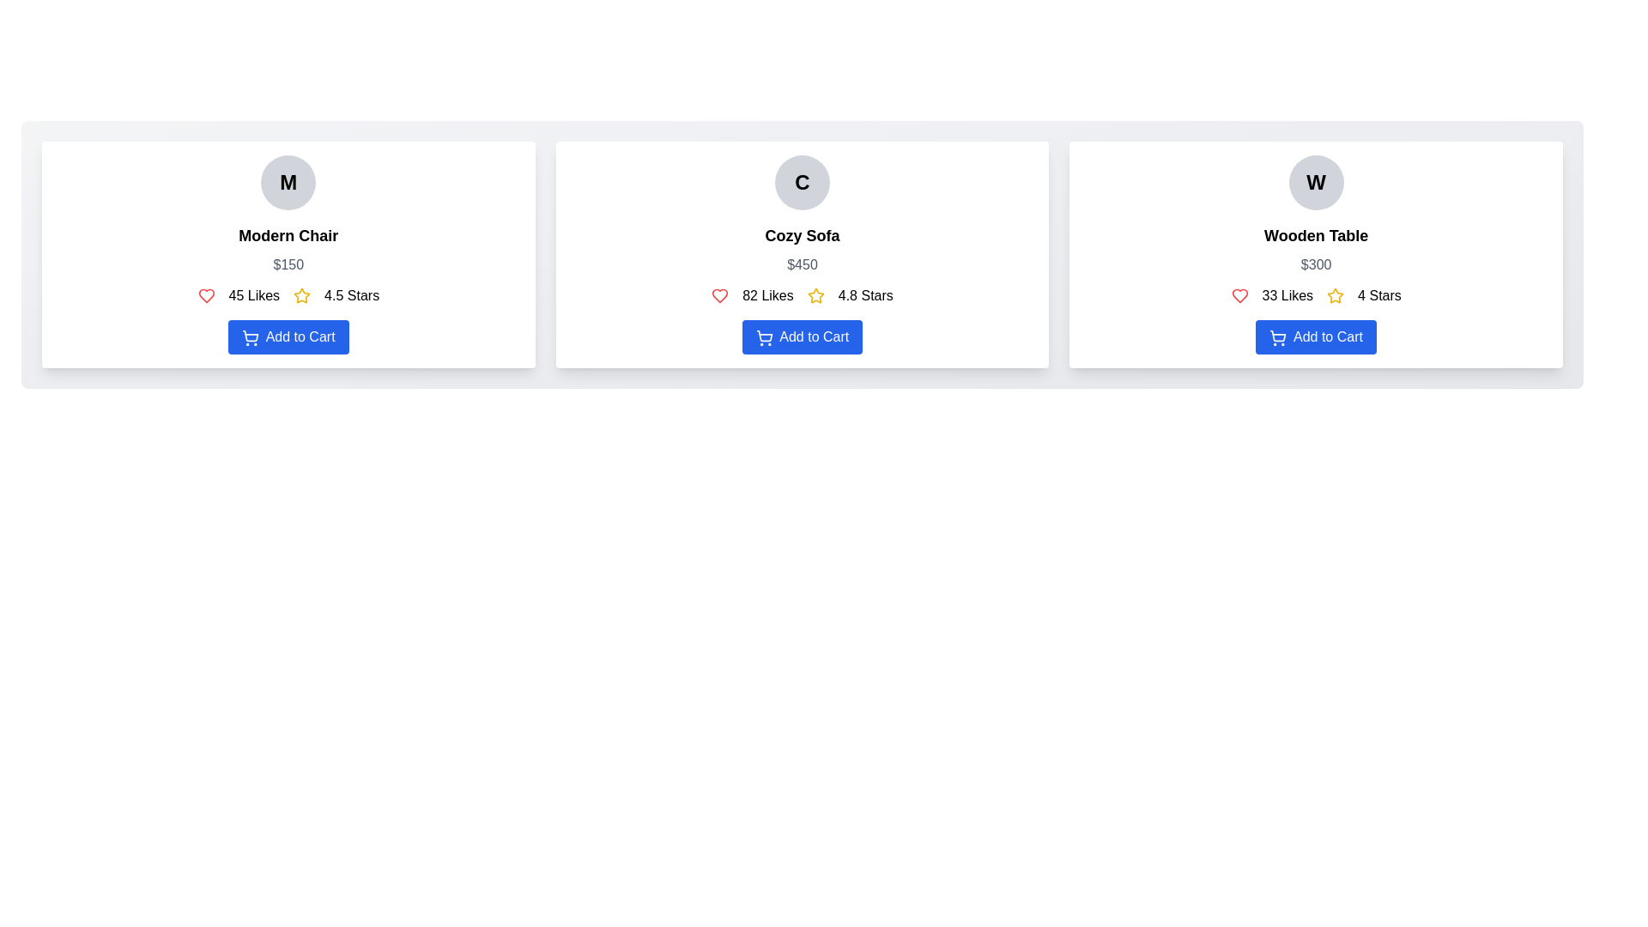 The image size is (1648, 927). What do you see at coordinates (720, 294) in the screenshot?
I see `the visual state of the 'like' icon located in the second product card, positioned just below the product name and price, next to '82 Likes' for the 'Cozy Sofa' product` at bounding box center [720, 294].